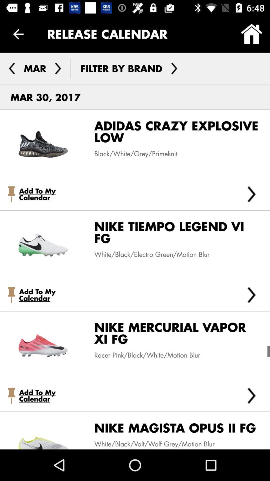  What do you see at coordinates (251, 395) in the screenshot?
I see `the item above nike magista opus` at bounding box center [251, 395].